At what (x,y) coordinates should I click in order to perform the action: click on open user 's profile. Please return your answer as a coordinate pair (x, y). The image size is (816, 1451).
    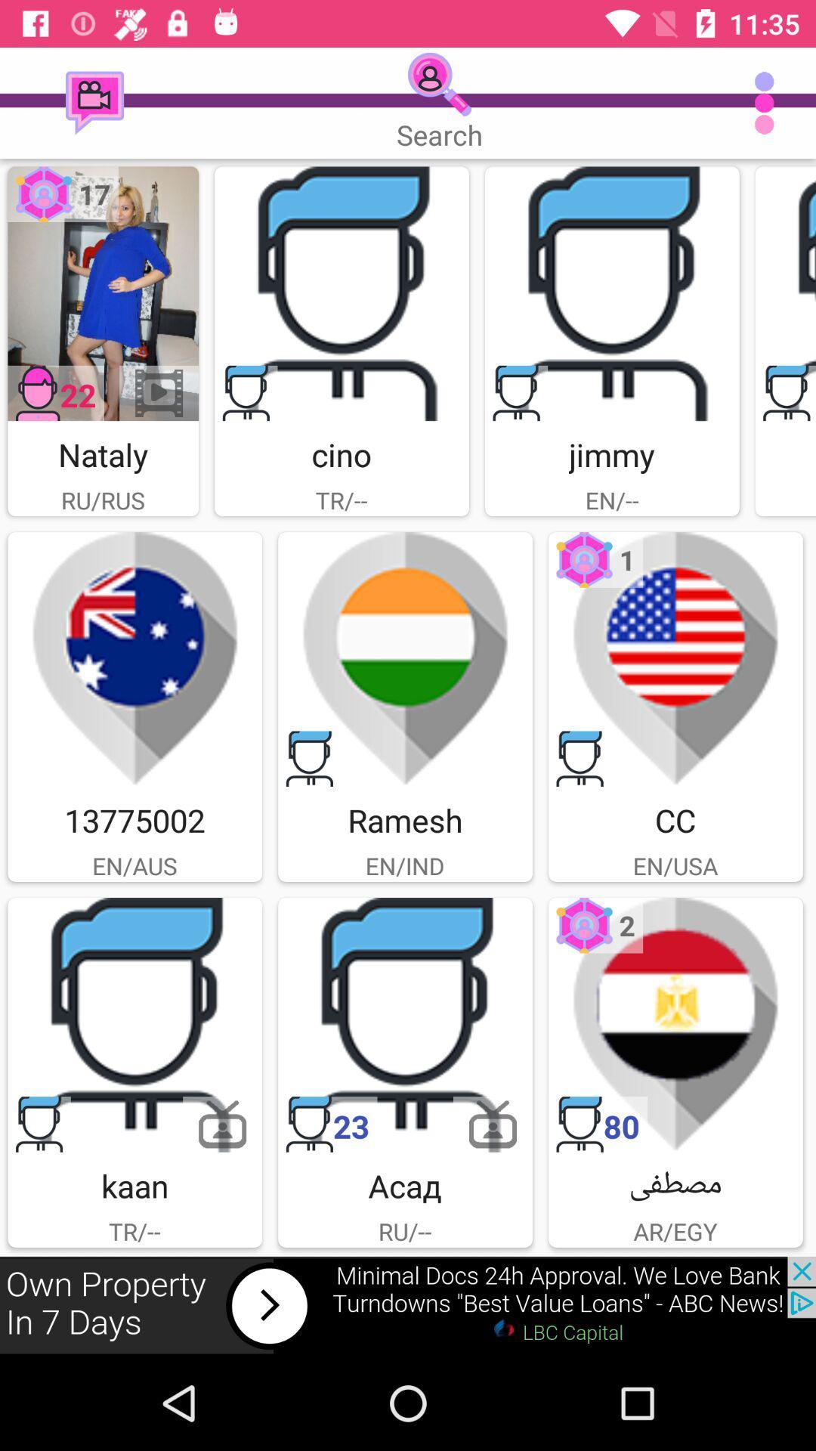
    Looking at the image, I should click on (675, 1025).